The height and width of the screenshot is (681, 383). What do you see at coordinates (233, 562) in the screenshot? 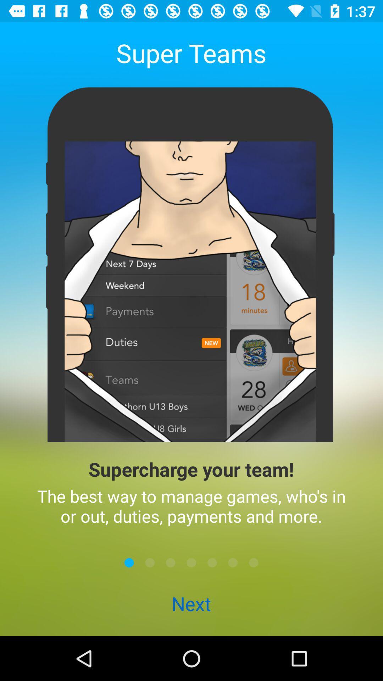
I see `skip 6 tabs` at bounding box center [233, 562].